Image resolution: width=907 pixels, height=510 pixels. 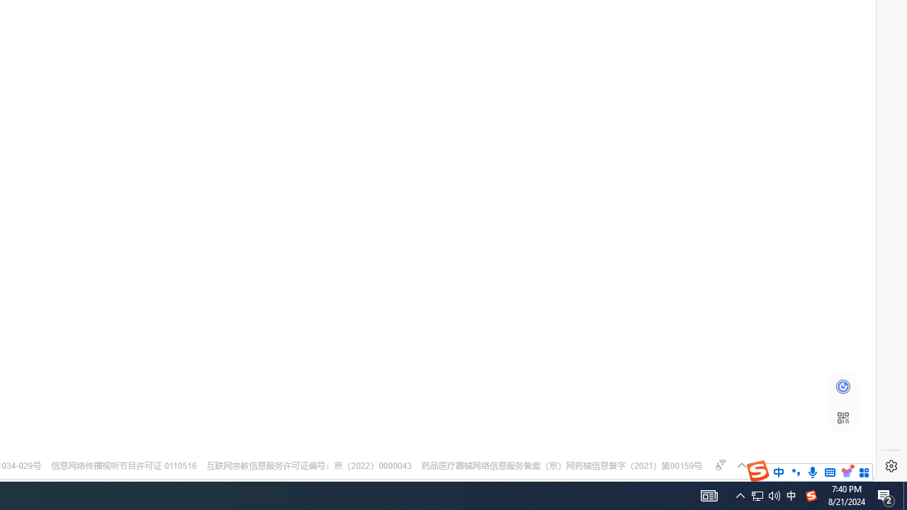 I want to click on 'Class: icon', so click(x=843, y=417).